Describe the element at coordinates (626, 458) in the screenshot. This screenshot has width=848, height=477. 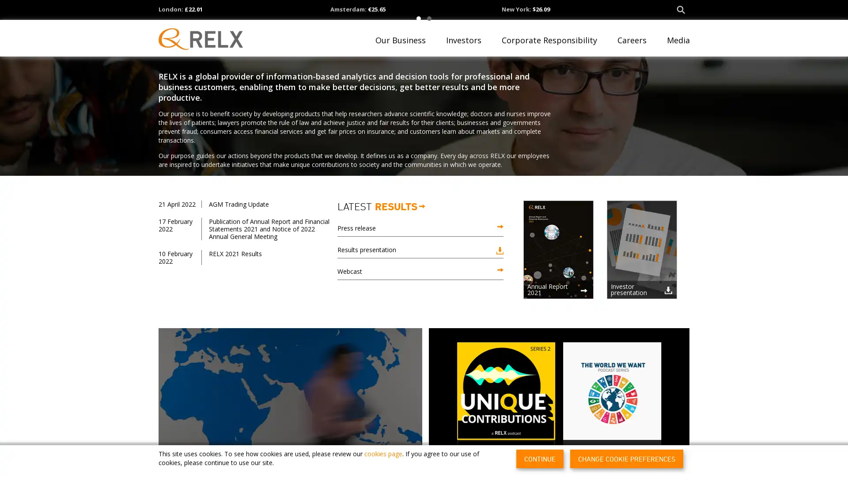
I see `CHANGE COOKIE PREFERENCES` at that location.